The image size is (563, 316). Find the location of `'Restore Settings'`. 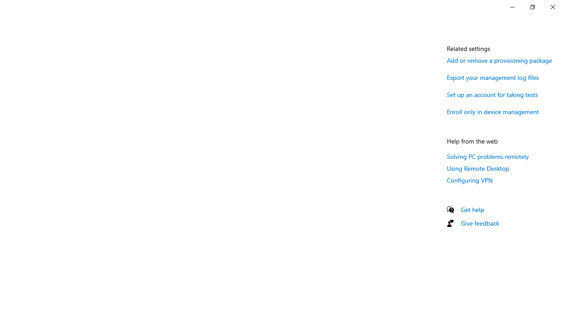

'Restore Settings' is located at coordinates (532, 7).